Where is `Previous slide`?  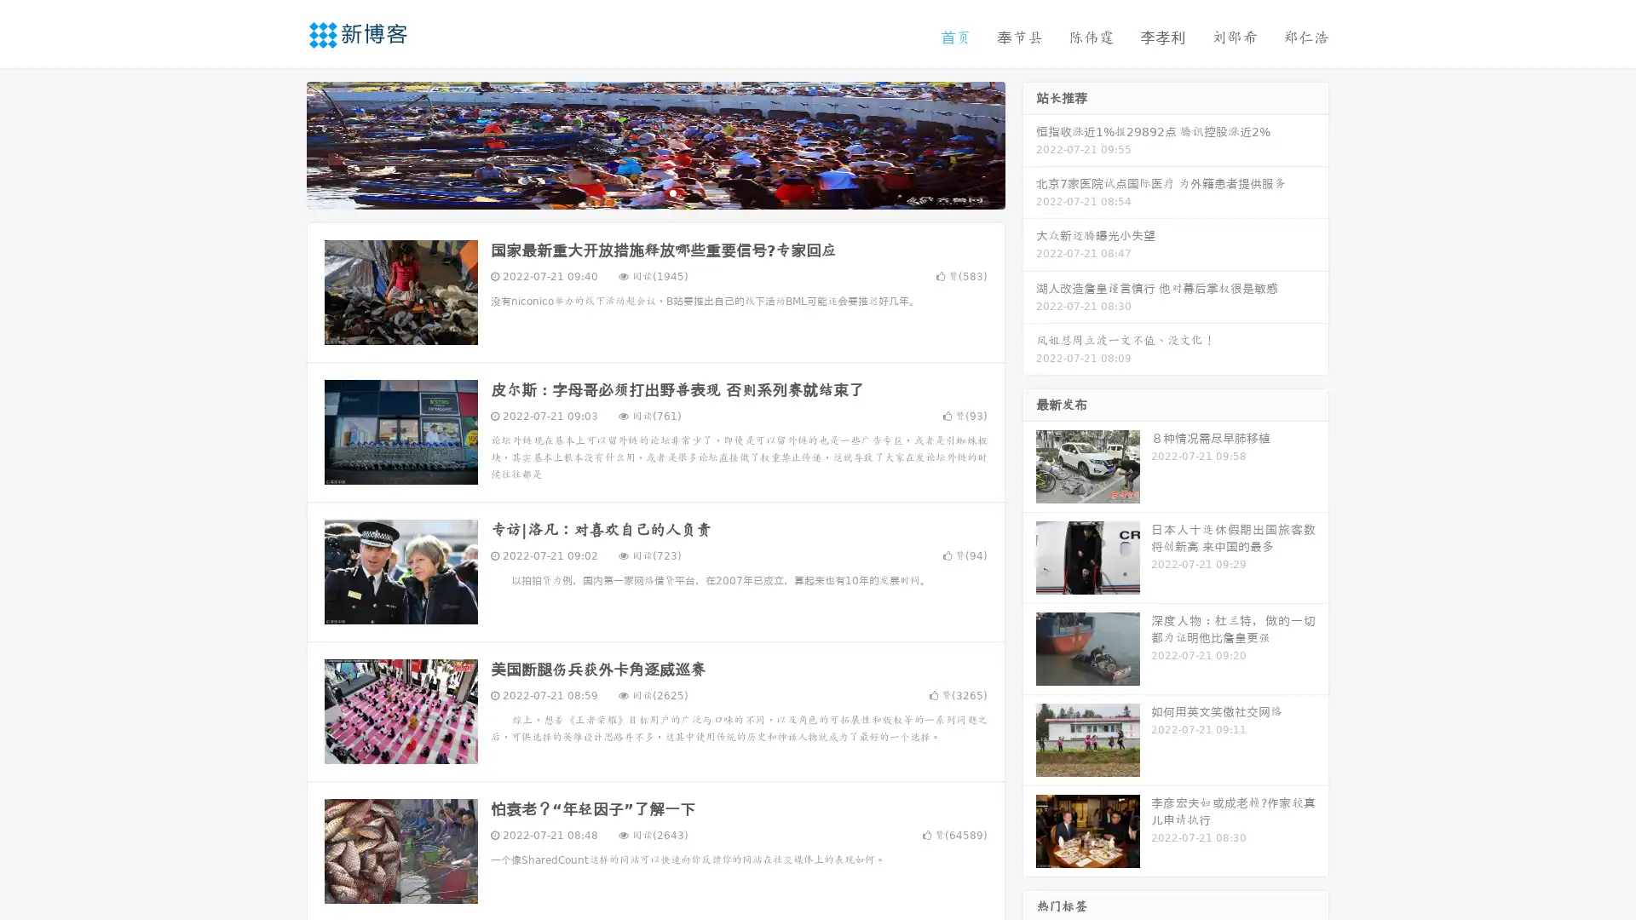
Previous slide is located at coordinates (281, 143).